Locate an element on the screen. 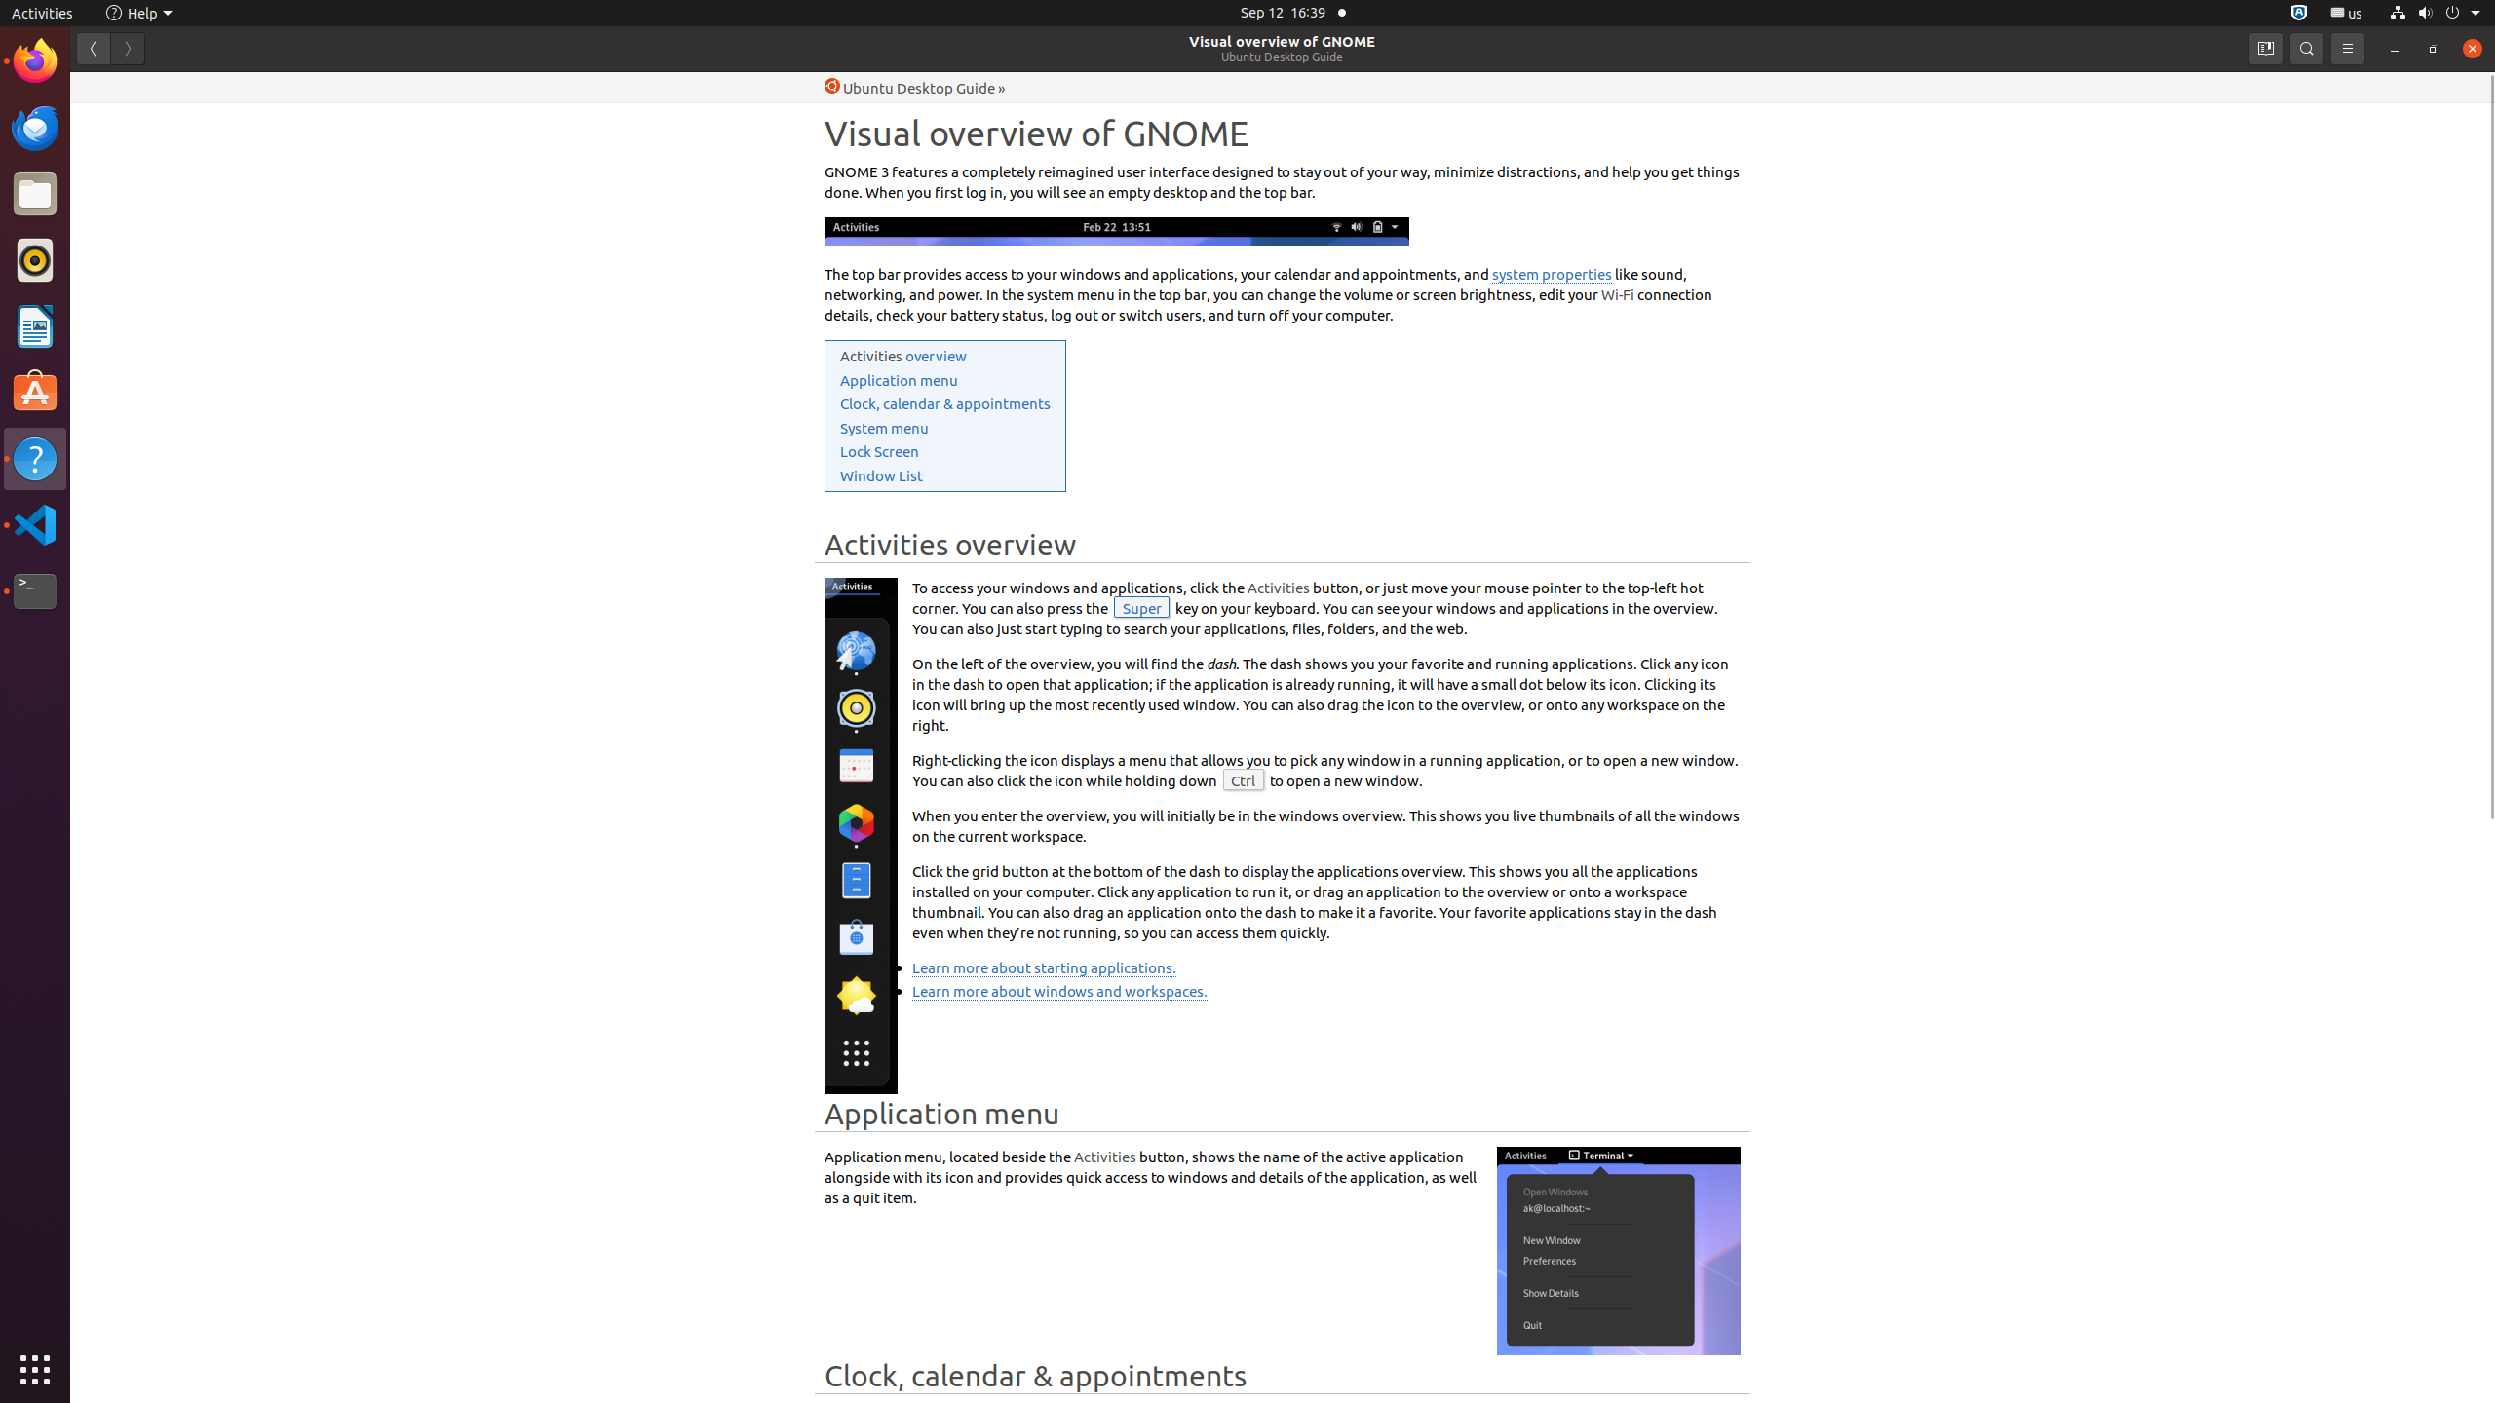 The width and height of the screenshot is (2495, 1403). 'System menu' is located at coordinates (883, 427).